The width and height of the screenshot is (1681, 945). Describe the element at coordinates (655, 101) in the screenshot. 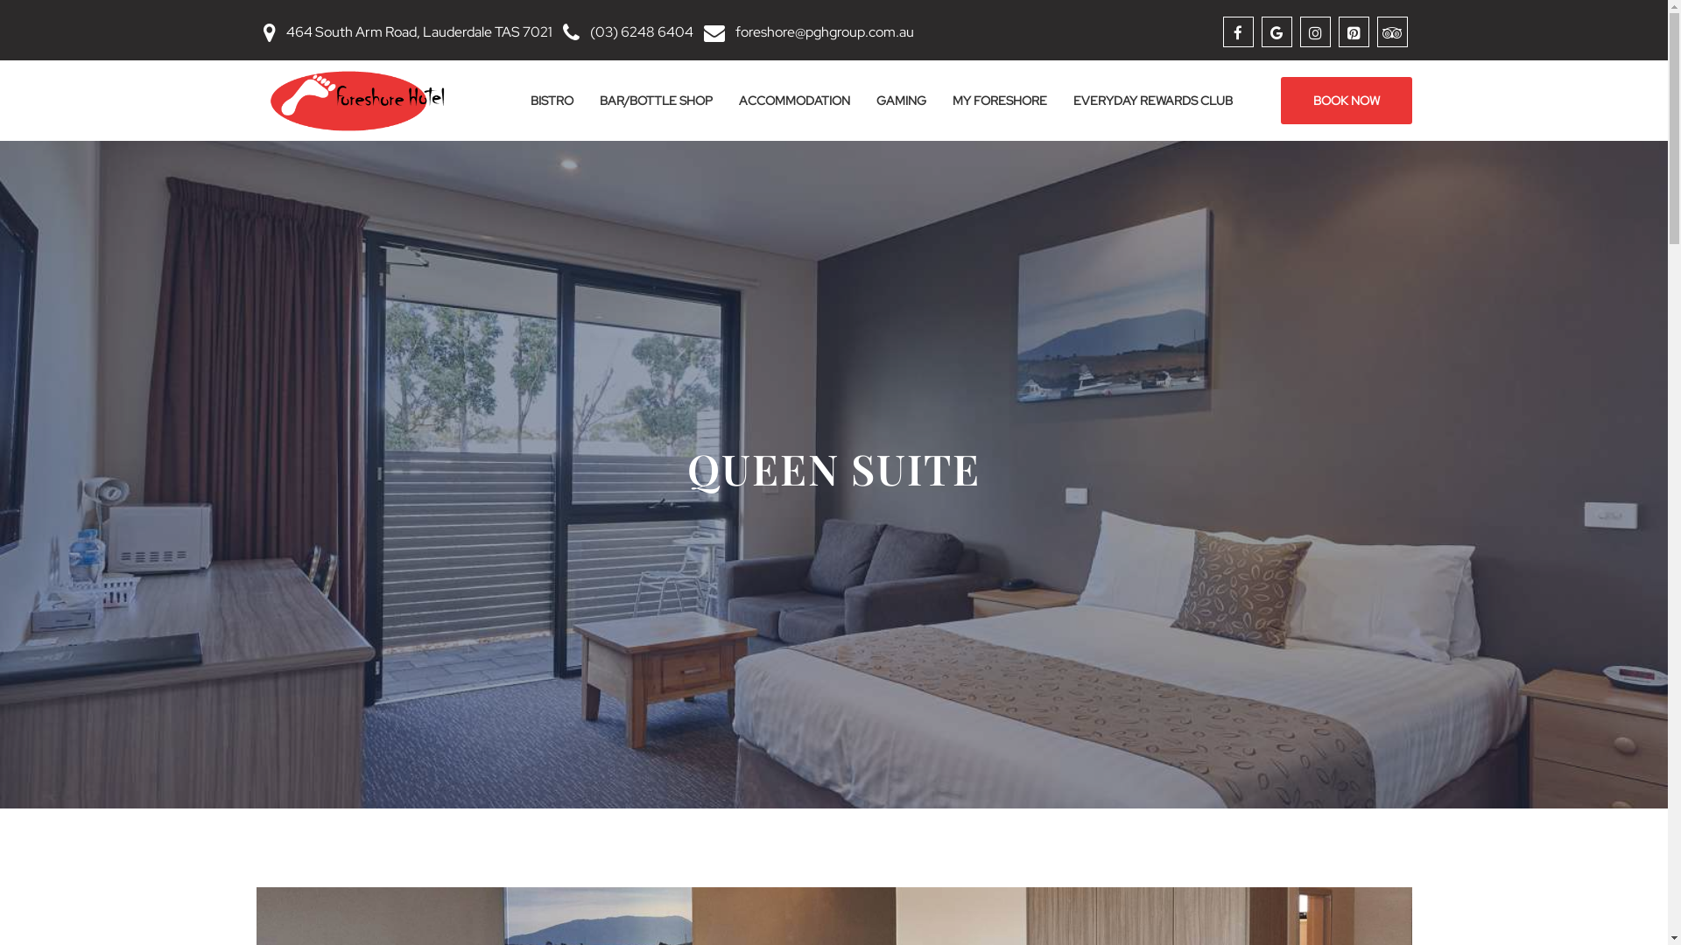

I see `'BAR/BOTTLE SHOP` at that location.